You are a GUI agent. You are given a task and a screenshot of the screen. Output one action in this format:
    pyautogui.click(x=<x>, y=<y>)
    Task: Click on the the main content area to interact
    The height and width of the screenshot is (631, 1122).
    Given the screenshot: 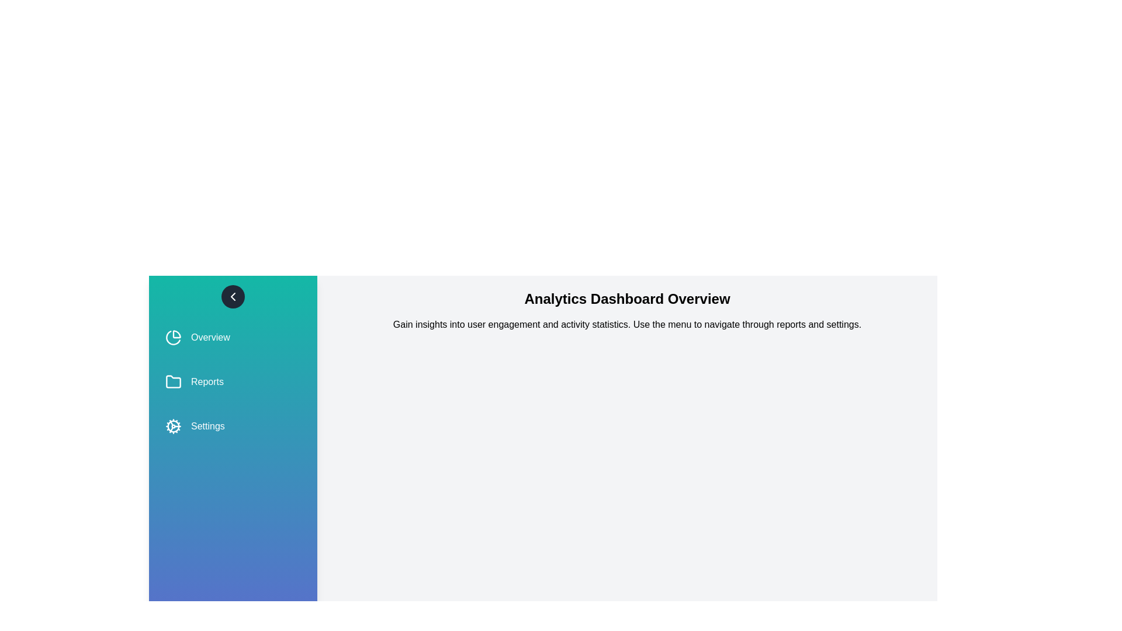 What is the action you would take?
    pyautogui.click(x=626, y=591)
    